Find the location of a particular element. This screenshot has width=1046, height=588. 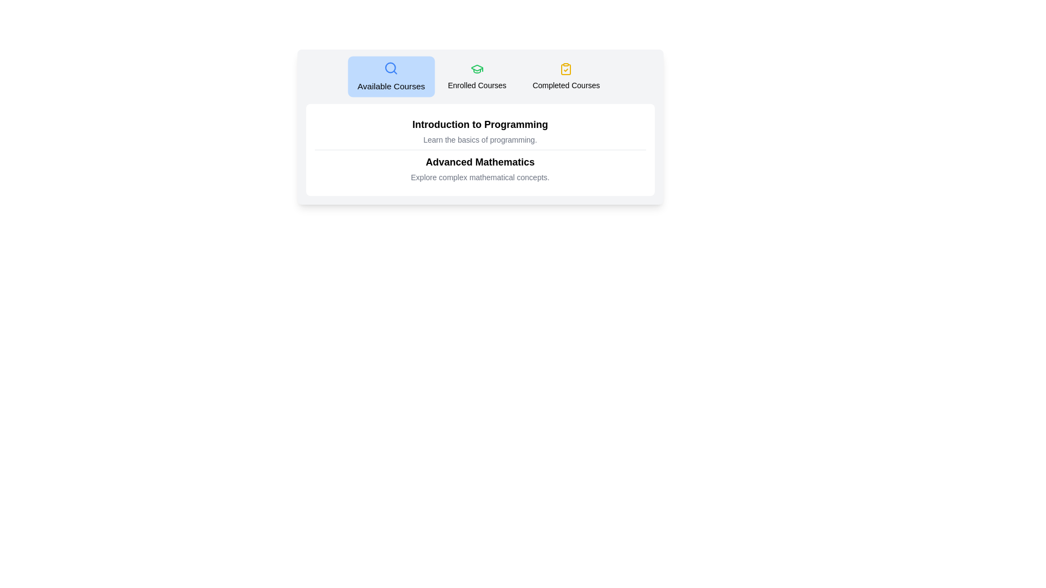

the tab labeled Available Courses is located at coordinates (391, 76).